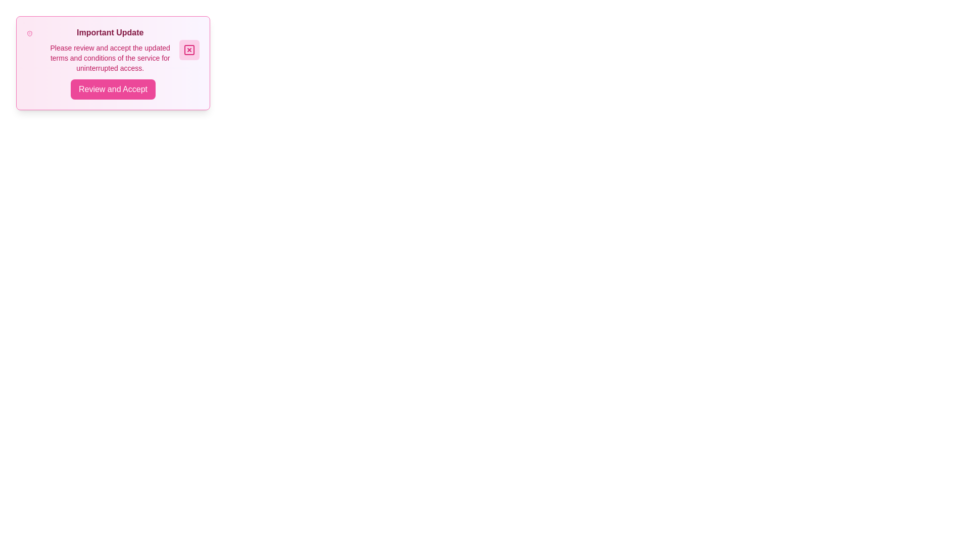 Image resolution: width=970 pixels, height=546 pixels. What do you see at coordinates (189, 50) in the screenshot?
I see `the close button icon, which is a pink square with a cross inside, located at the top-right corner of the notification card titled 'Important Update'` at bounding box center [189, 50].